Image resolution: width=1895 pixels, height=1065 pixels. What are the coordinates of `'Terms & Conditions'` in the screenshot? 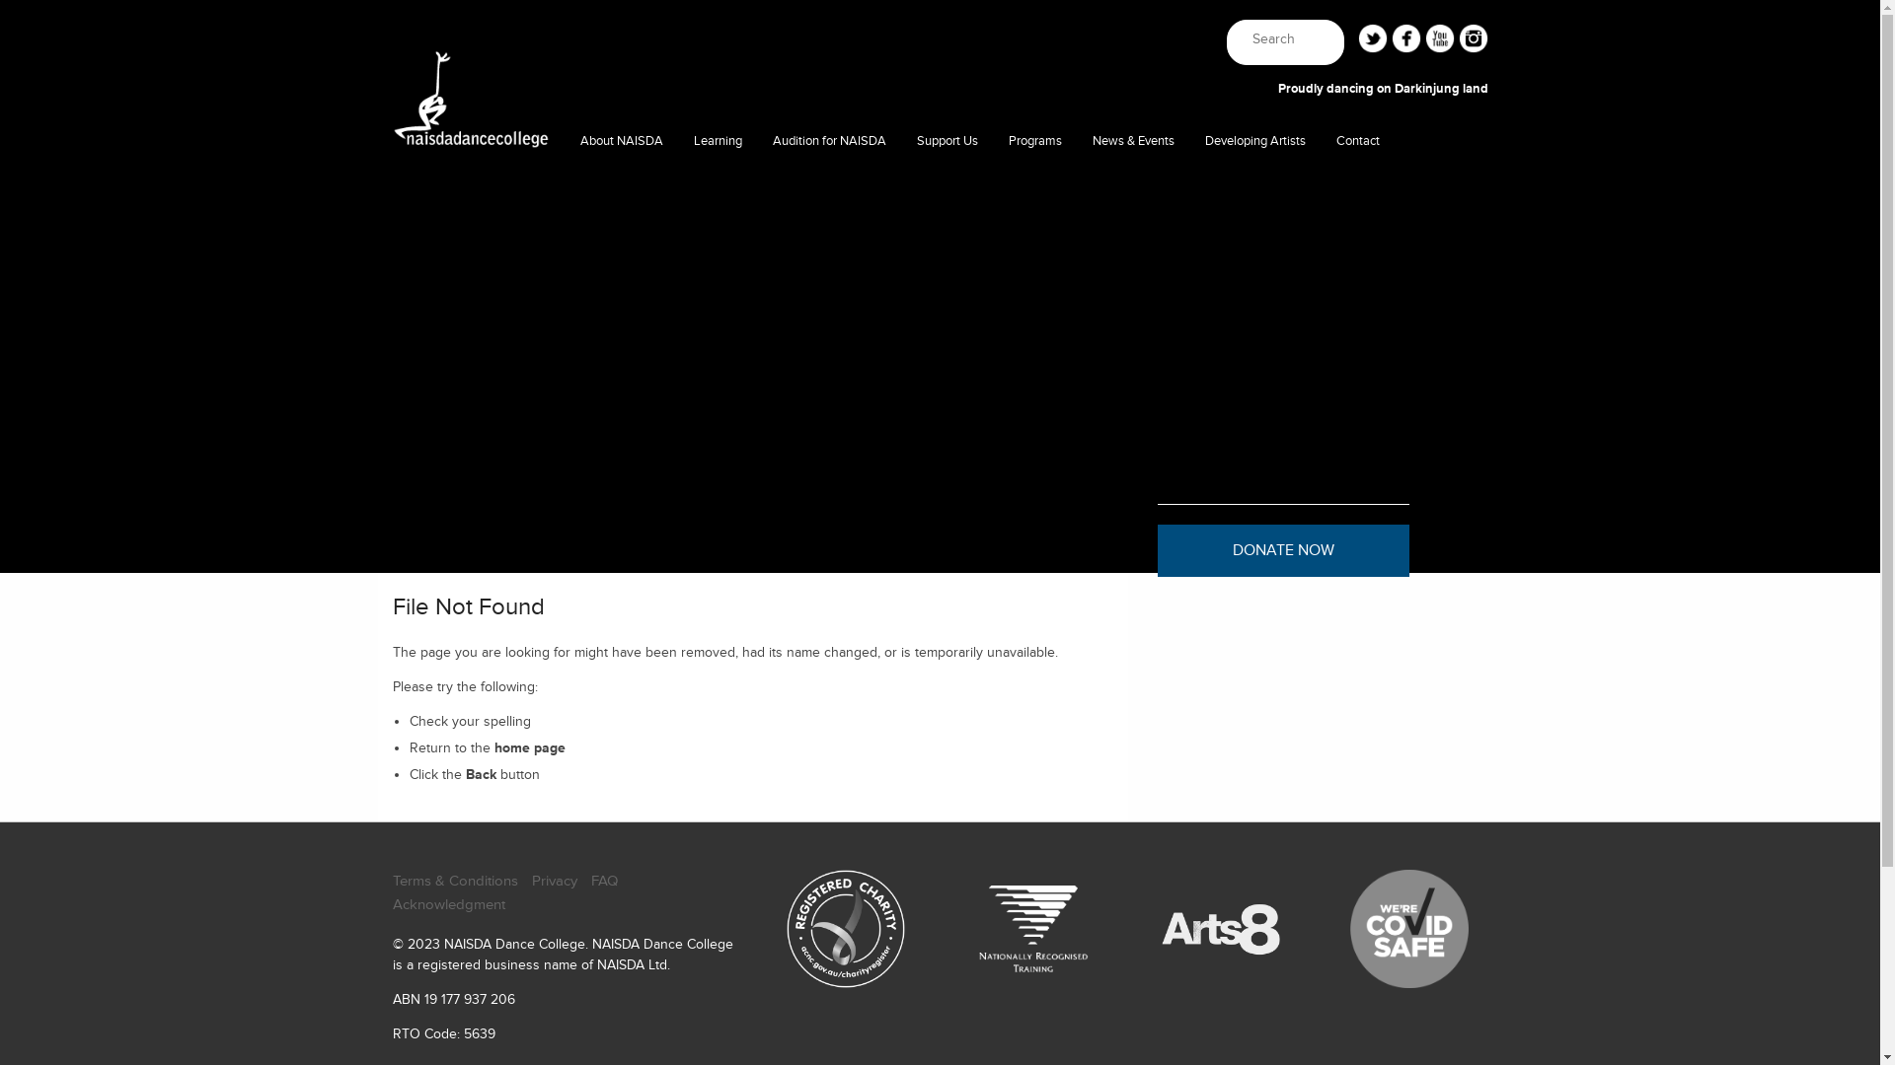 It's located at (393, 881).